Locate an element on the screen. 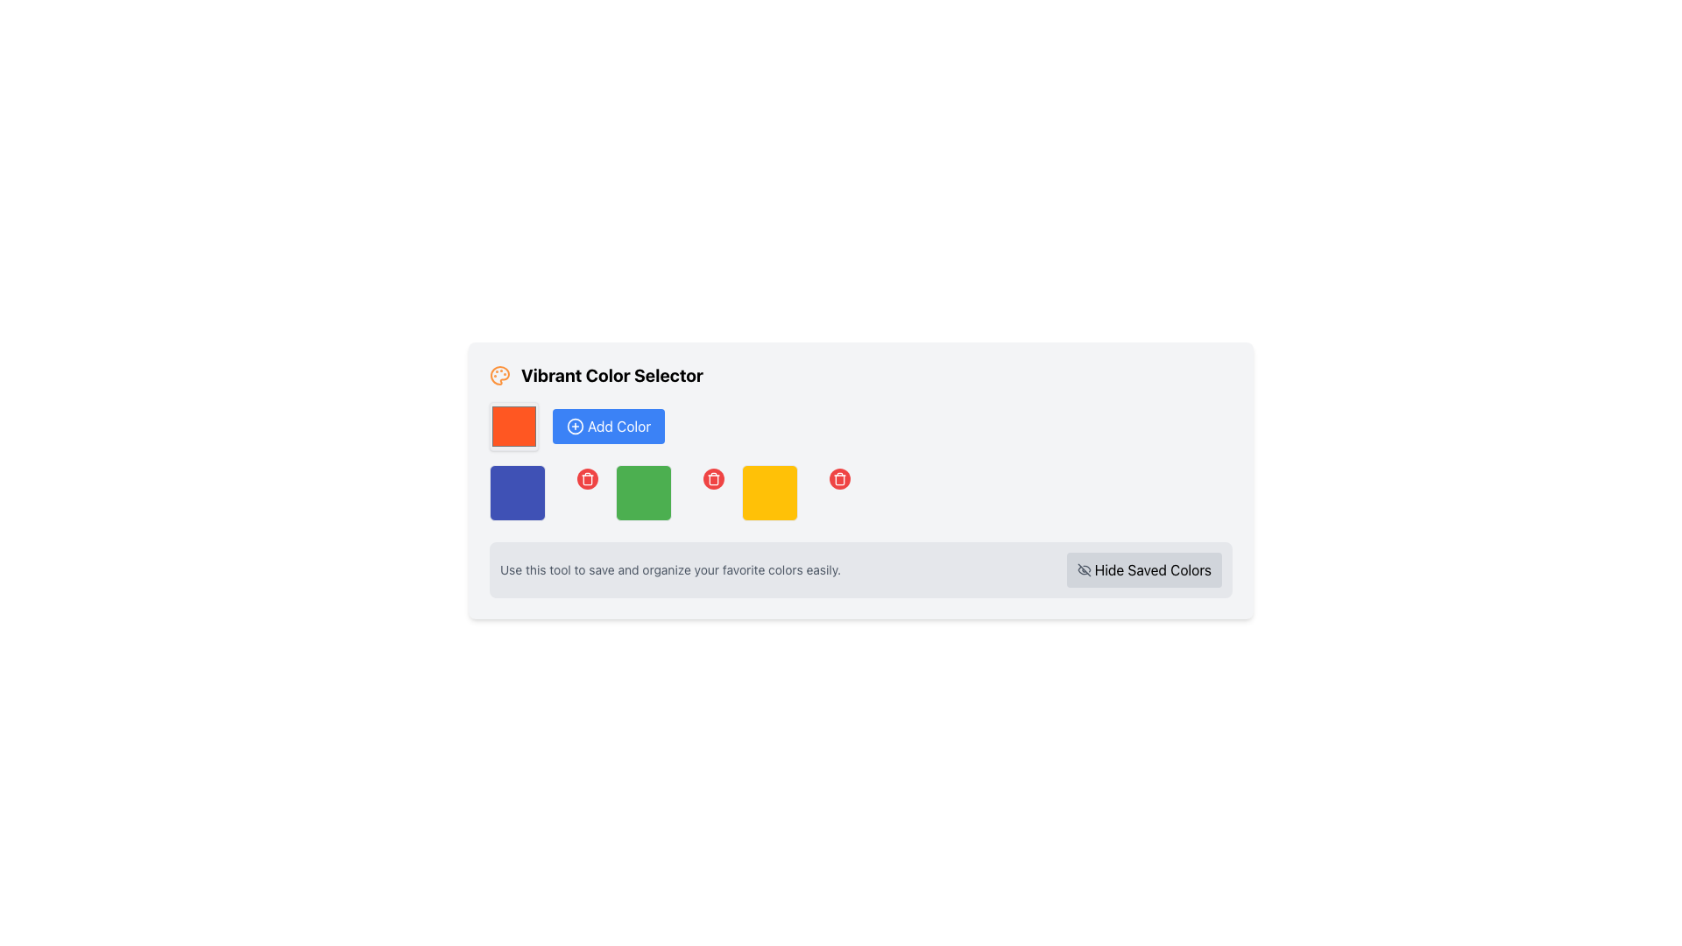  to select the third green square in the grid layout, which has rounded corners and a transparent background is located at coordinates (671, 493).